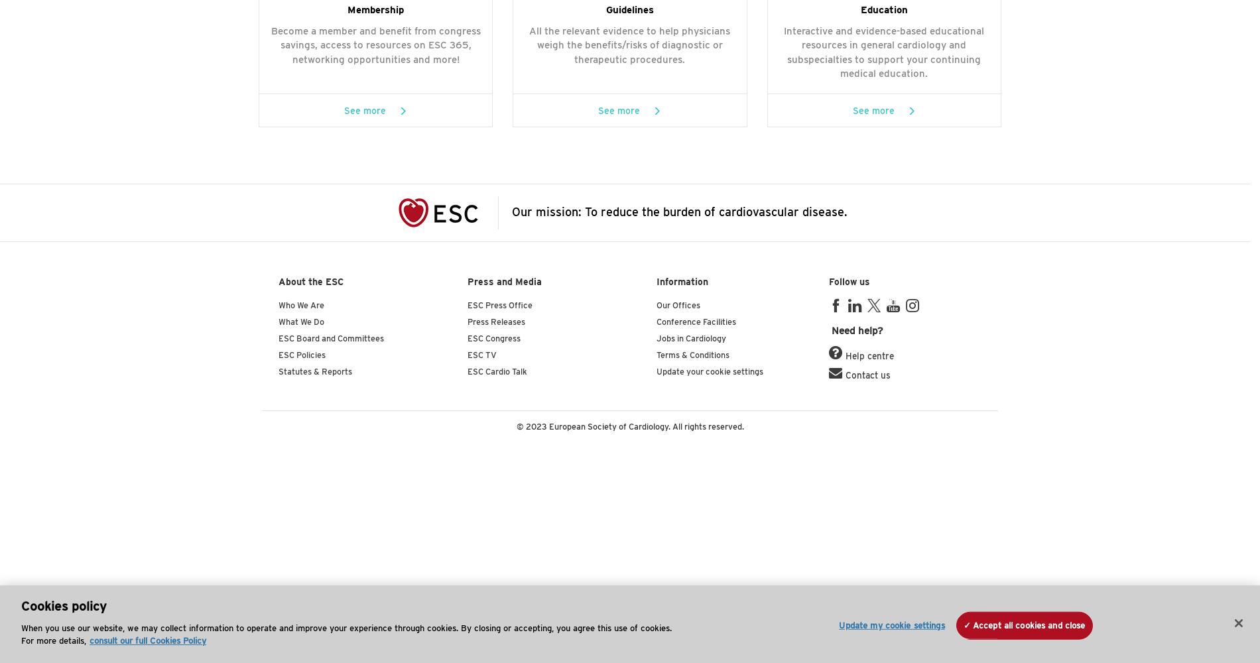 Image resolution: width=1260 pixels, height=663 pixels. Describe the element at coordinates (691, 338) in the screenshot. I see `'Jobs in Cardiology'` at that location.